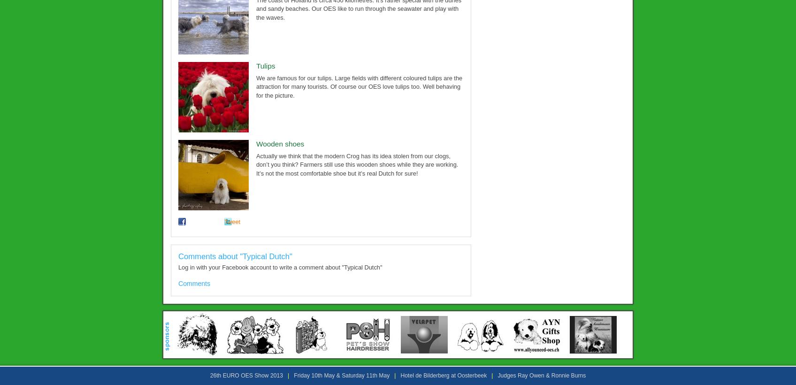 Image resolution: width=796 pixels, height=385 pixels. Describe the element at coordinates (232, 222) in the screenshot. I see `'Tweet'` at that location.